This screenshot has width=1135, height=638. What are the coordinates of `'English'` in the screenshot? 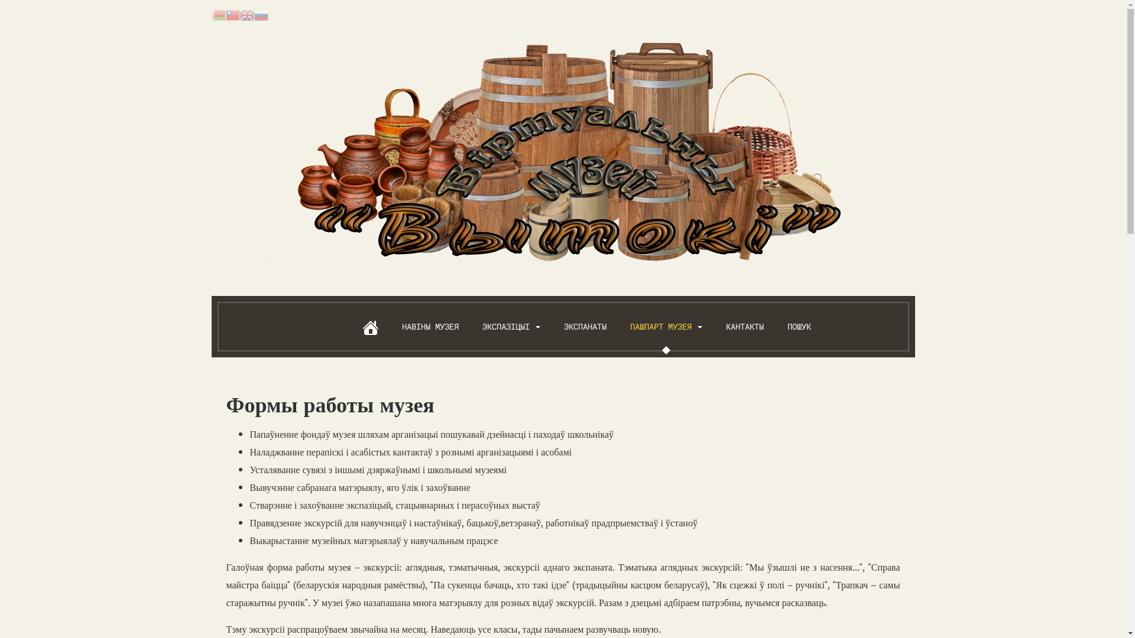 It's located at (246, 14).